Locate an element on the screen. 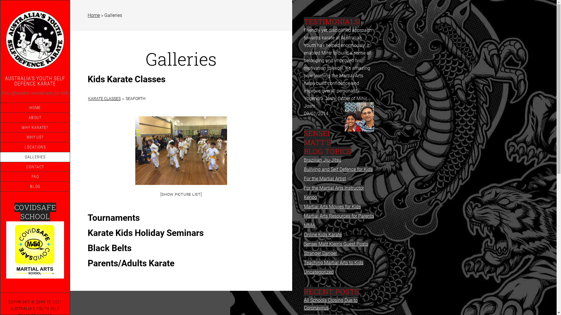 Image resolution: width=561 pixels, height=315 pixels. 'Home' is located at coordinates (94, 15).